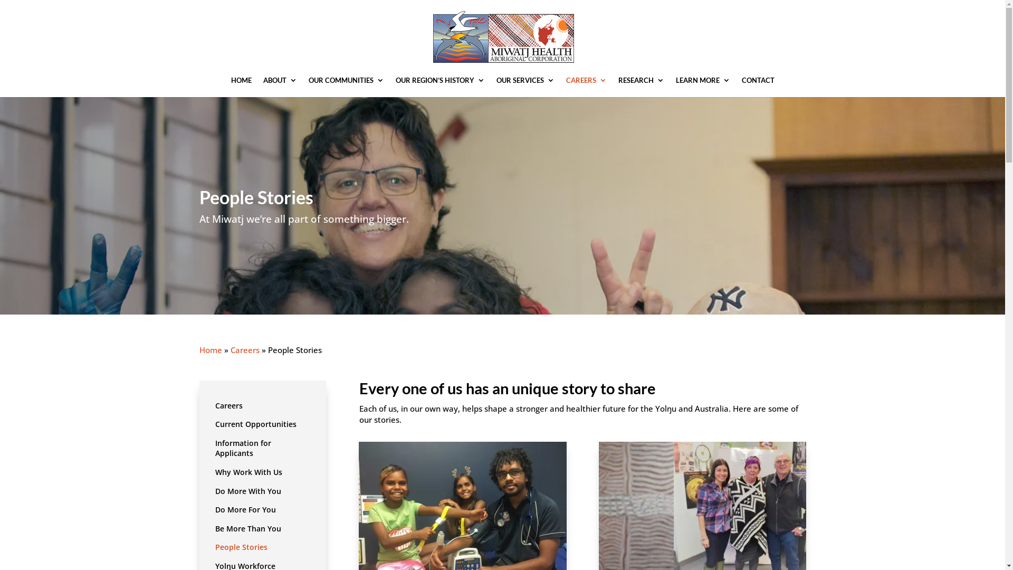  I want to click on 'Careers', so click(228, 407).